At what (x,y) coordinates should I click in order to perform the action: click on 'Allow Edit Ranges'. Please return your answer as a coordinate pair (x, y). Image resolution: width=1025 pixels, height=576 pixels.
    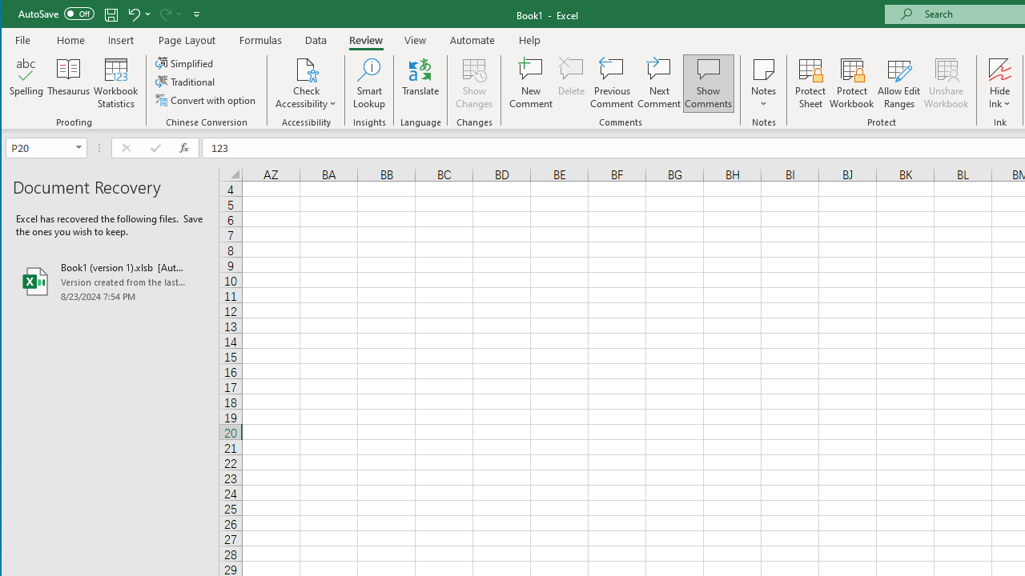
    Looking at the image, I should click on (899, 83).